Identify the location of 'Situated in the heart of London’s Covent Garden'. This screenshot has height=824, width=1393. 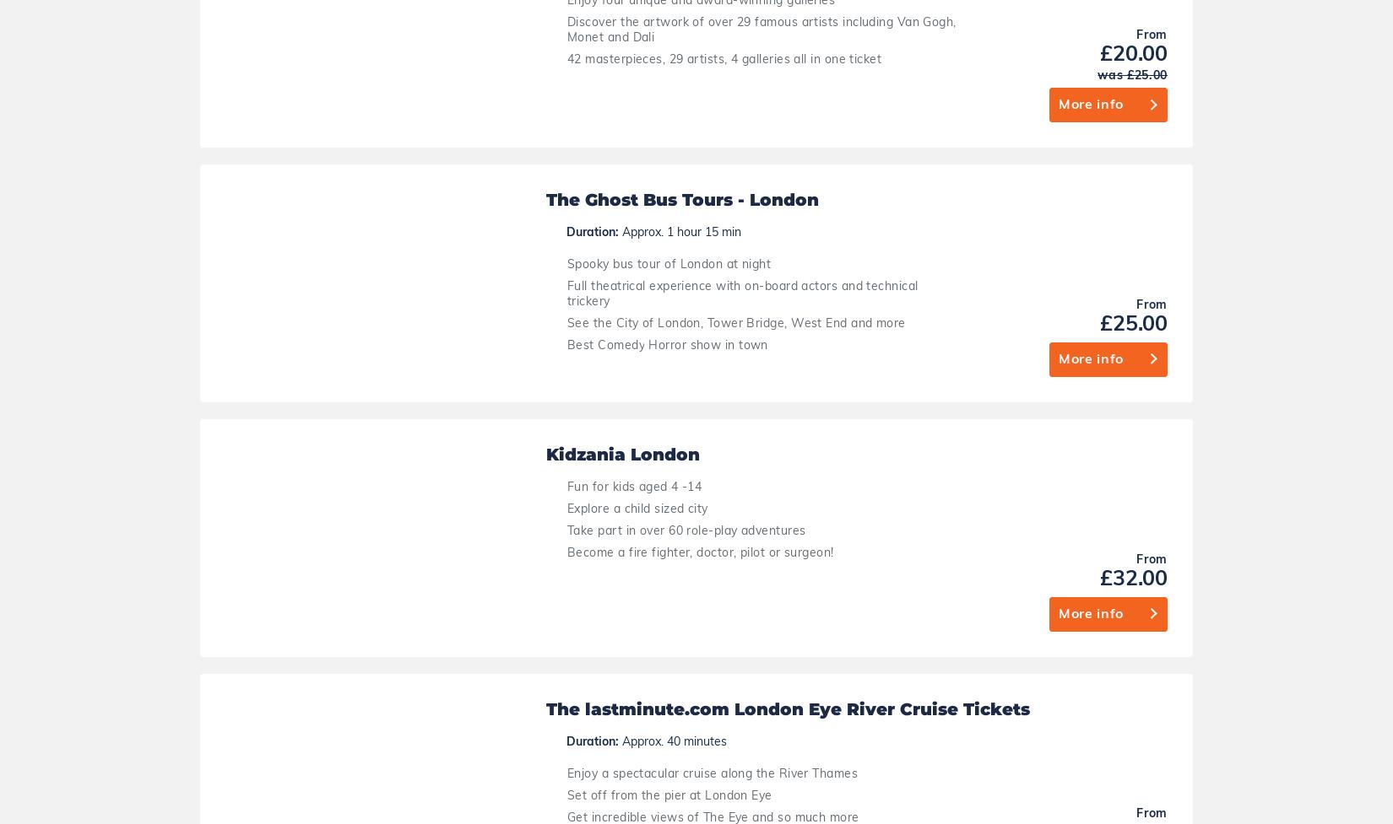
(708, 662).